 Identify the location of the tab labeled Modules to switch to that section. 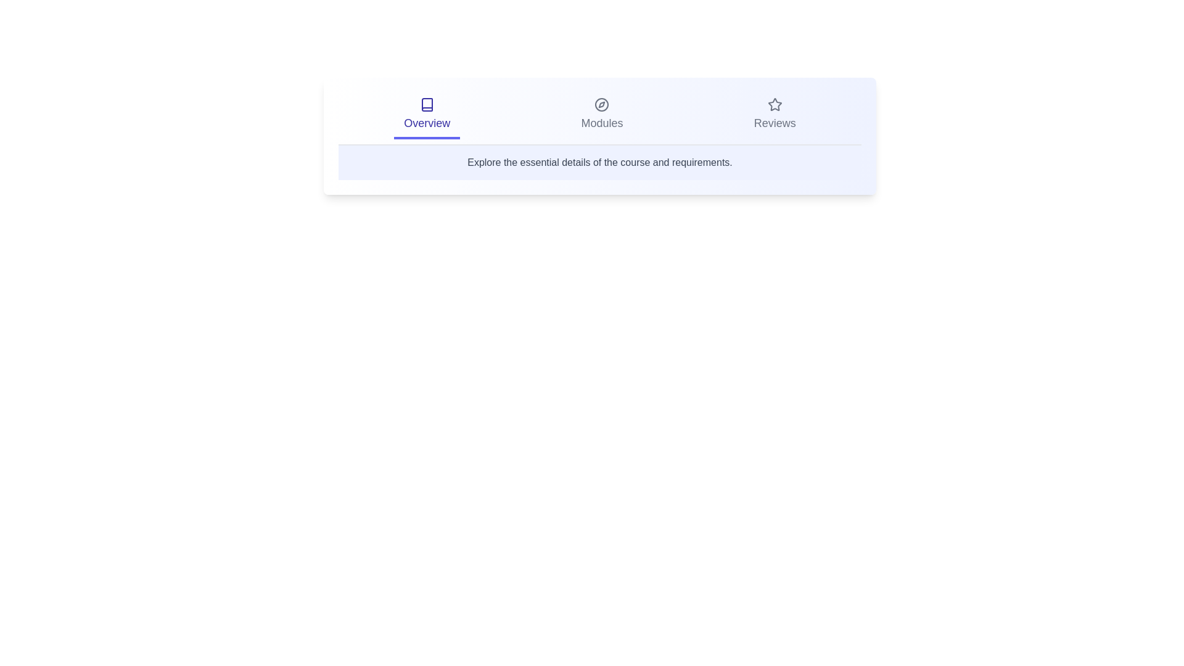
(602, 116).